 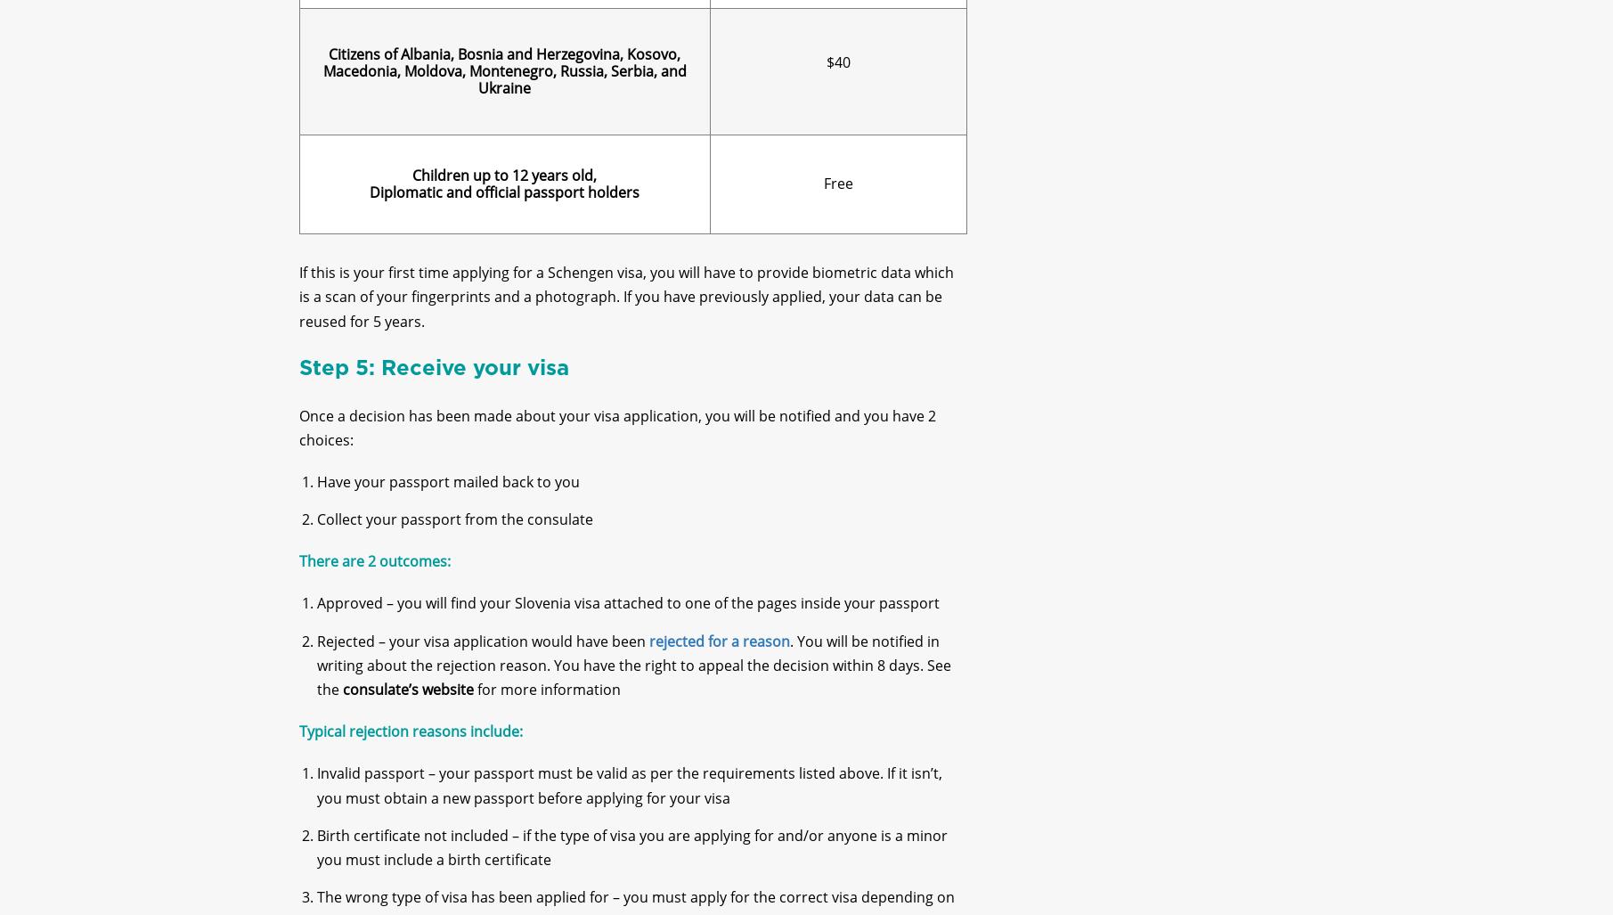 What do you see at coordinates (447, 495) in the screenshot?
I see `'Have your passport mailed back to you'` at bounding box center [447, 495].